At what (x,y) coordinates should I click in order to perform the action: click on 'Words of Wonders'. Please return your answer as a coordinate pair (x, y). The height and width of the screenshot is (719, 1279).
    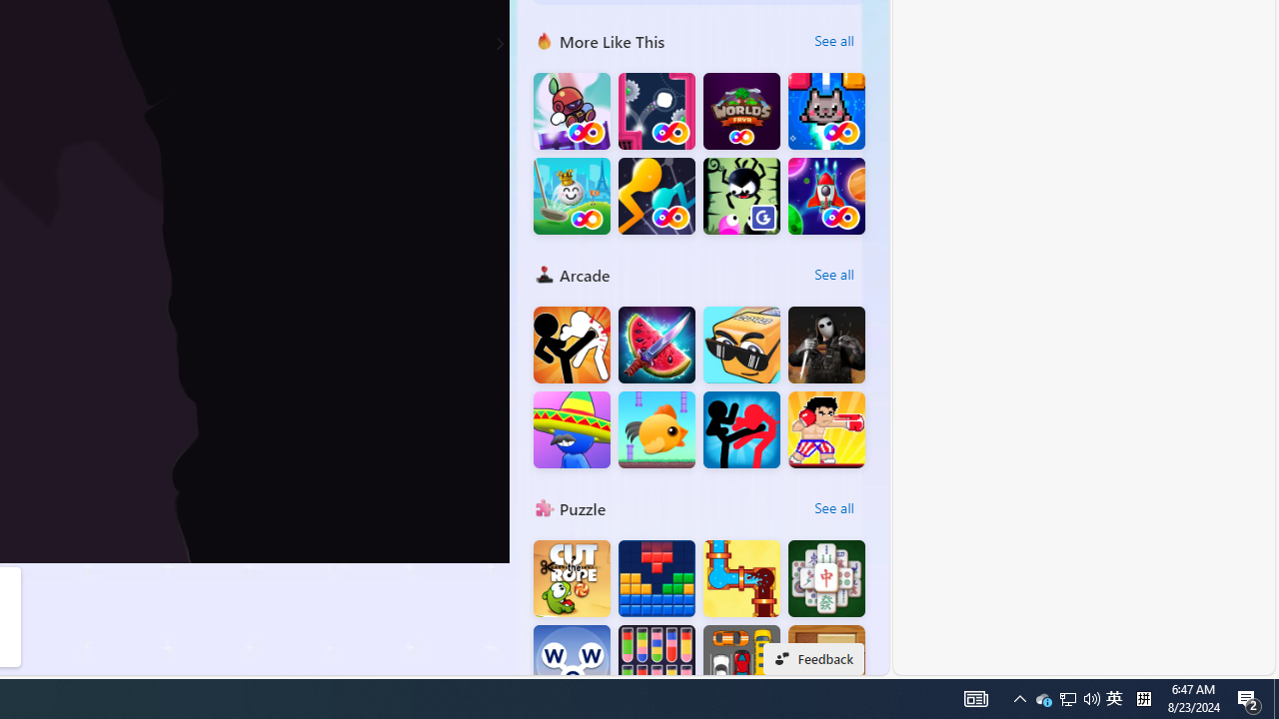
    Looking at the image, I should click on (571, 663).